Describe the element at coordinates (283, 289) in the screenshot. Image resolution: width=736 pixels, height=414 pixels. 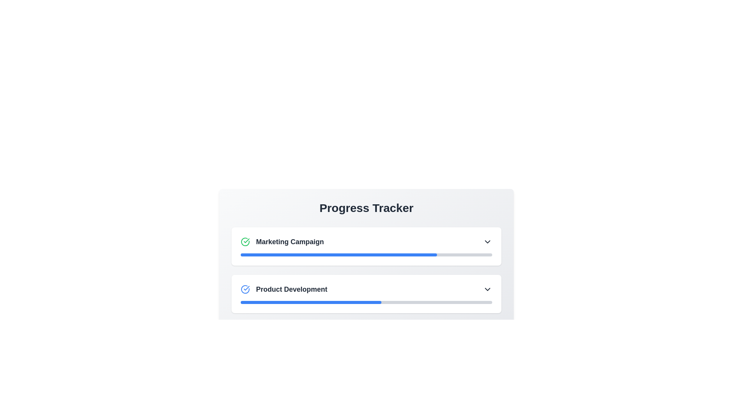
I see `the 'Product Development' label in the Progress Tracker section` at that location.